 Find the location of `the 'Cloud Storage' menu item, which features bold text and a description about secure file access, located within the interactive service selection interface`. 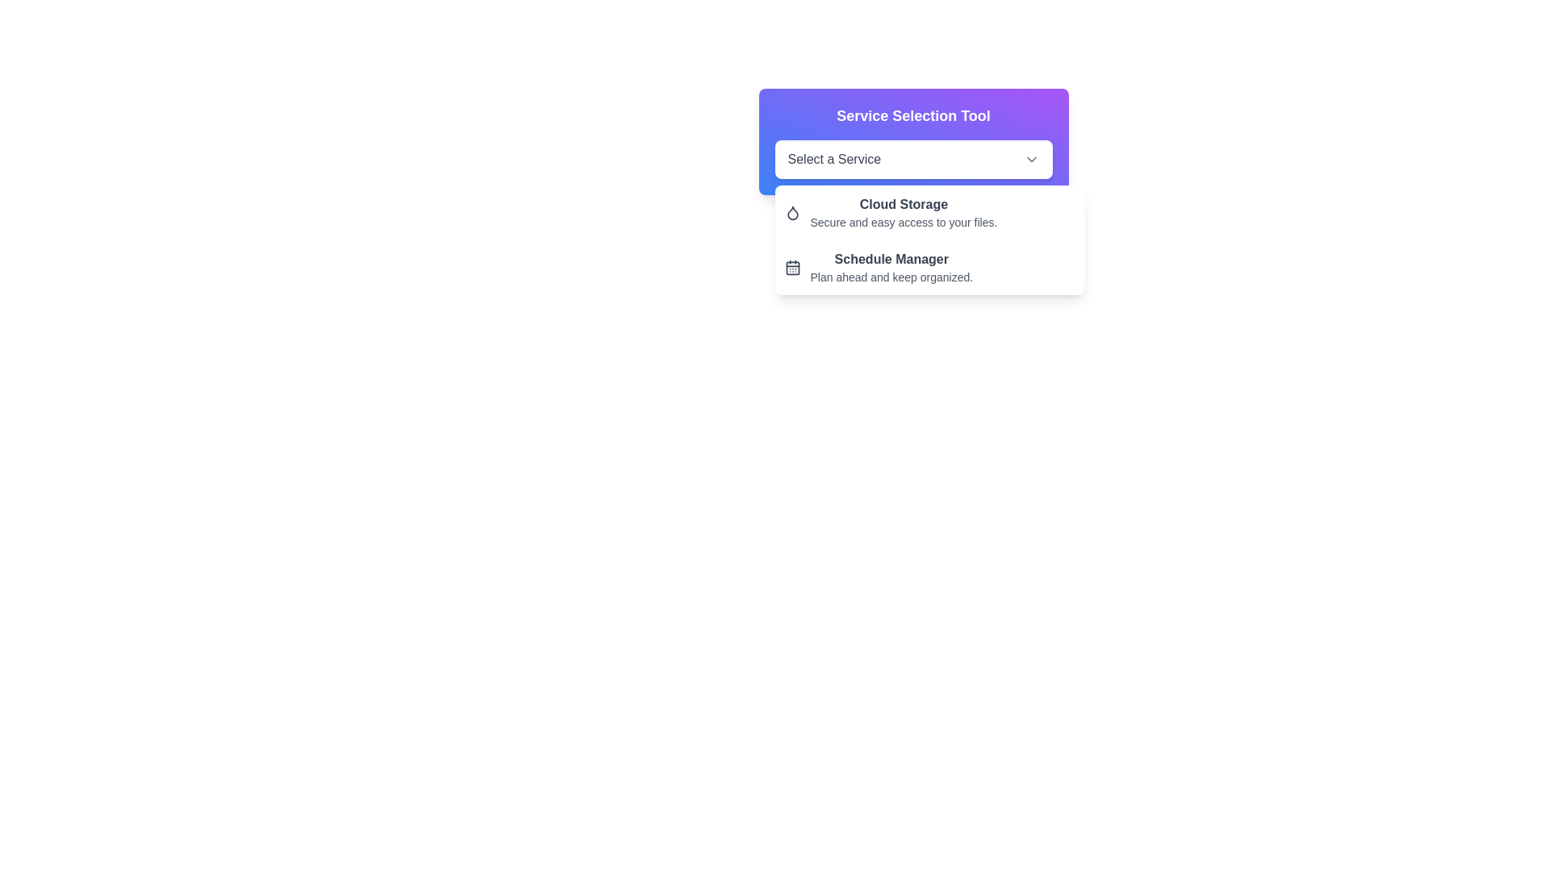

the 'Cloud Storage' menu item, which features bold text and a description about secure file access, located within the interactive service selection interface is located at coordinates (904, 211).